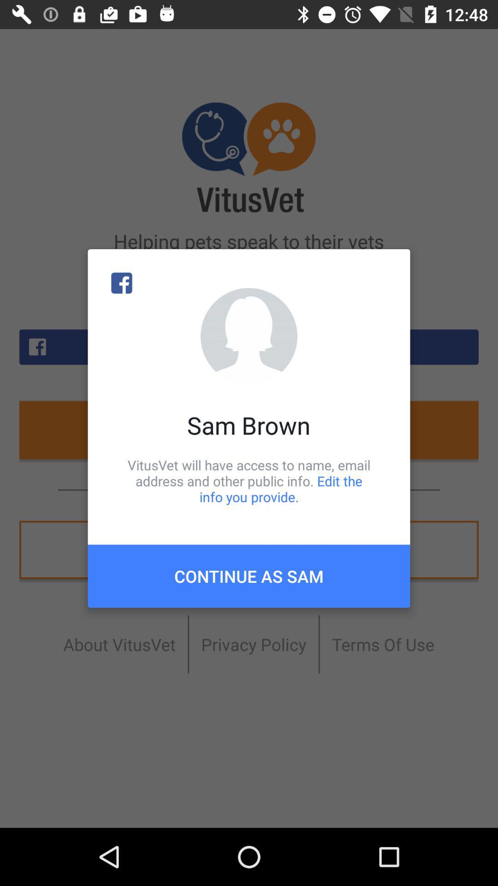  I want to click on the vitusvet will have icon, so click(249, 480).